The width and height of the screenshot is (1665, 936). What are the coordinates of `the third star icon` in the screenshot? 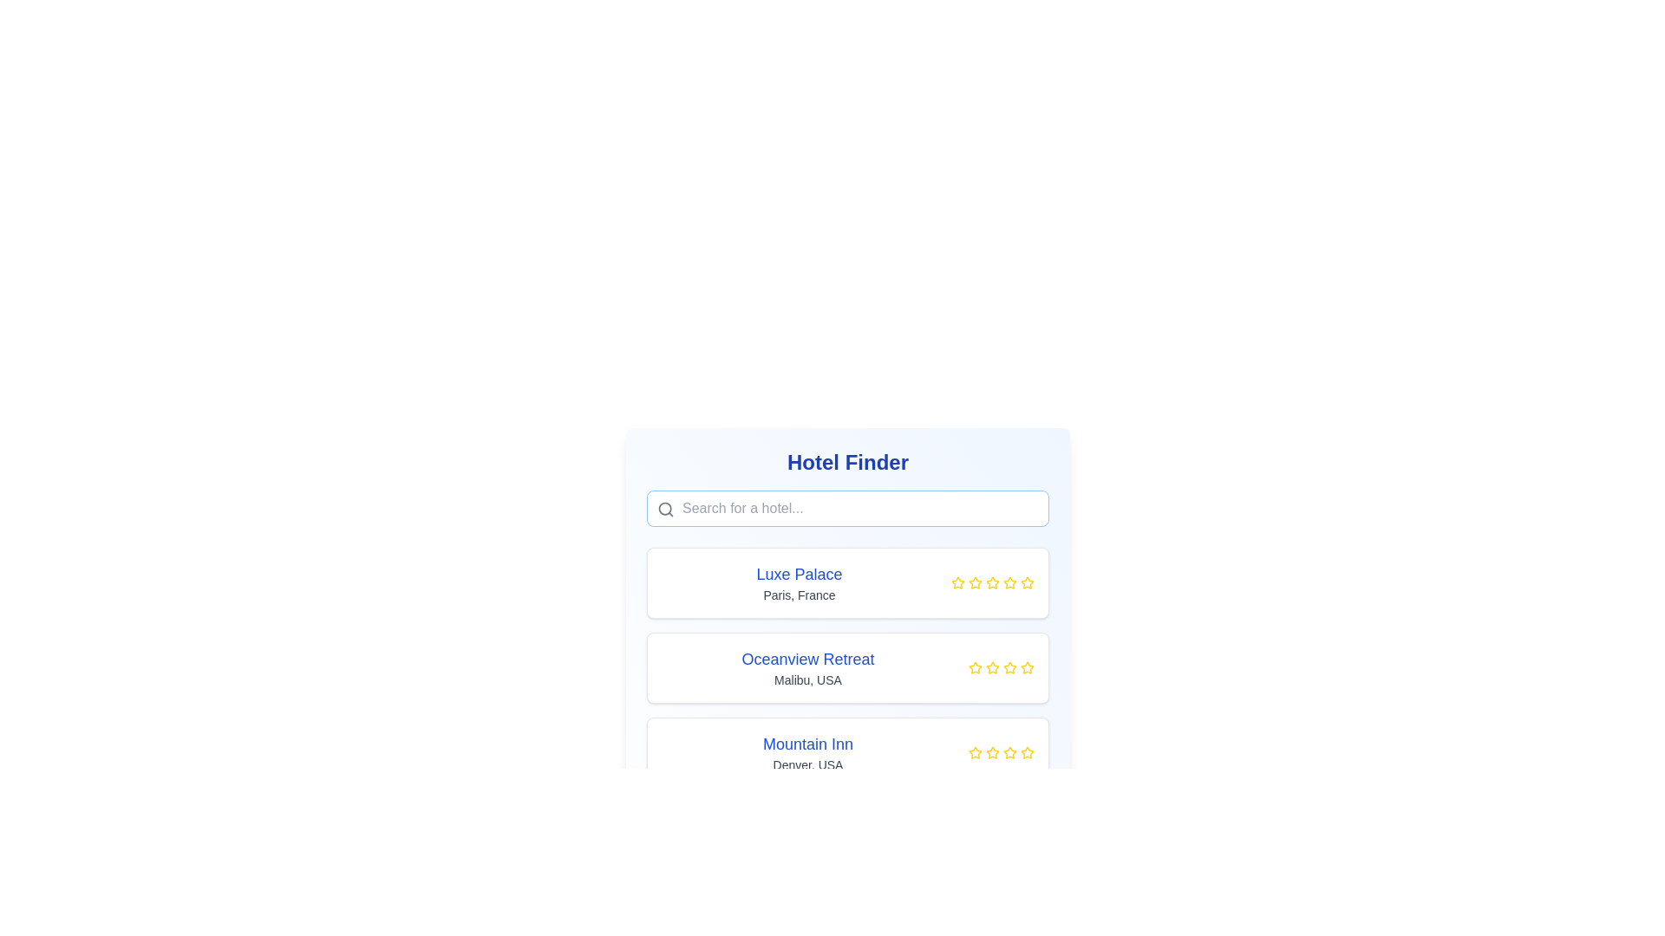 It's located at (993, 751).